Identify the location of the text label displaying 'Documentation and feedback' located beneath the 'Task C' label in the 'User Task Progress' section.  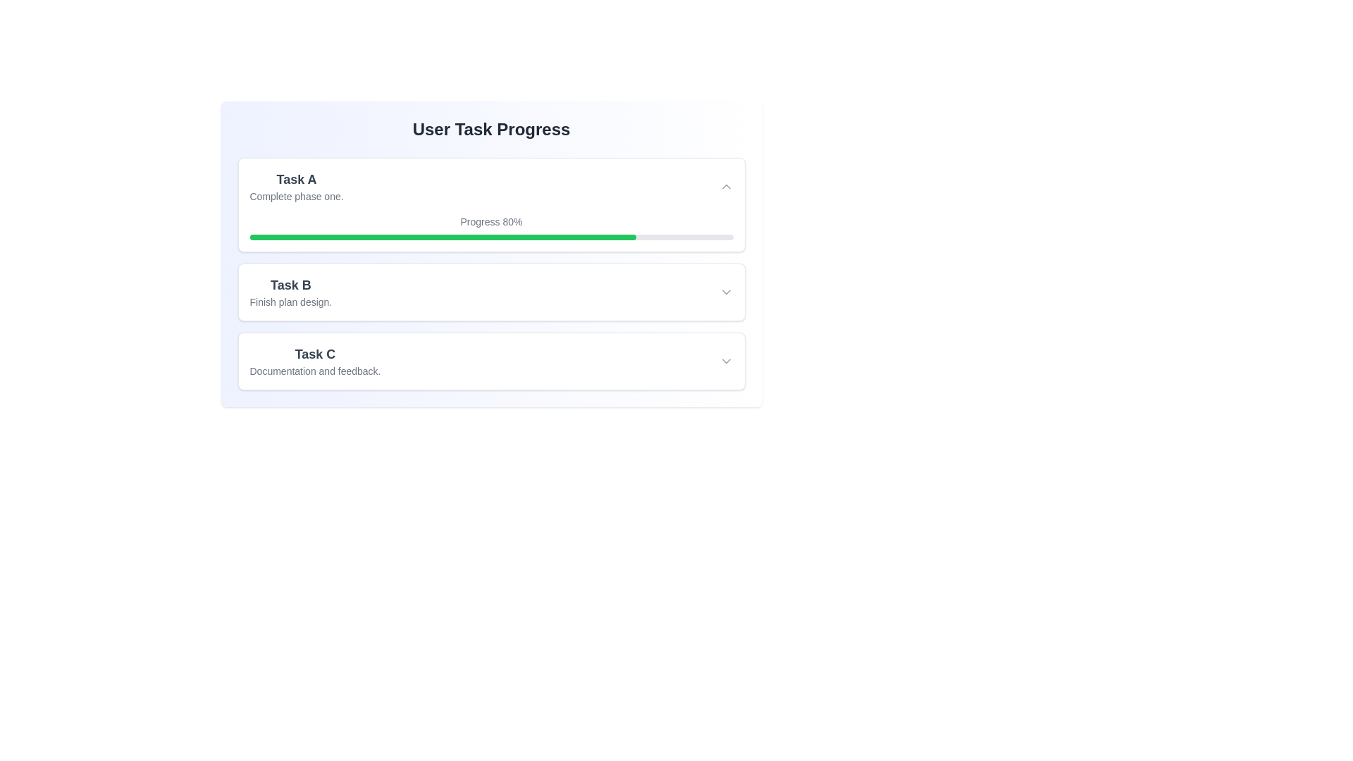
(314, 371).